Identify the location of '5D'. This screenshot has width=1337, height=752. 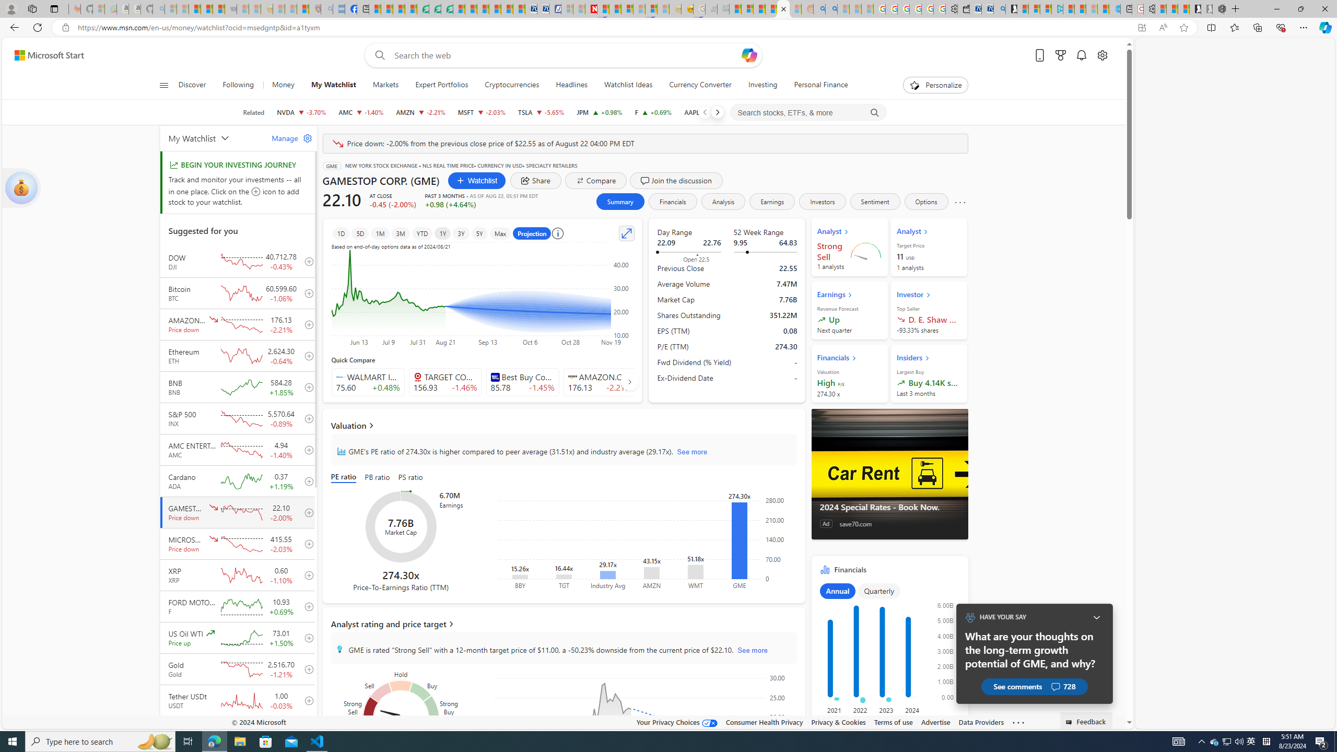
(359, 233).